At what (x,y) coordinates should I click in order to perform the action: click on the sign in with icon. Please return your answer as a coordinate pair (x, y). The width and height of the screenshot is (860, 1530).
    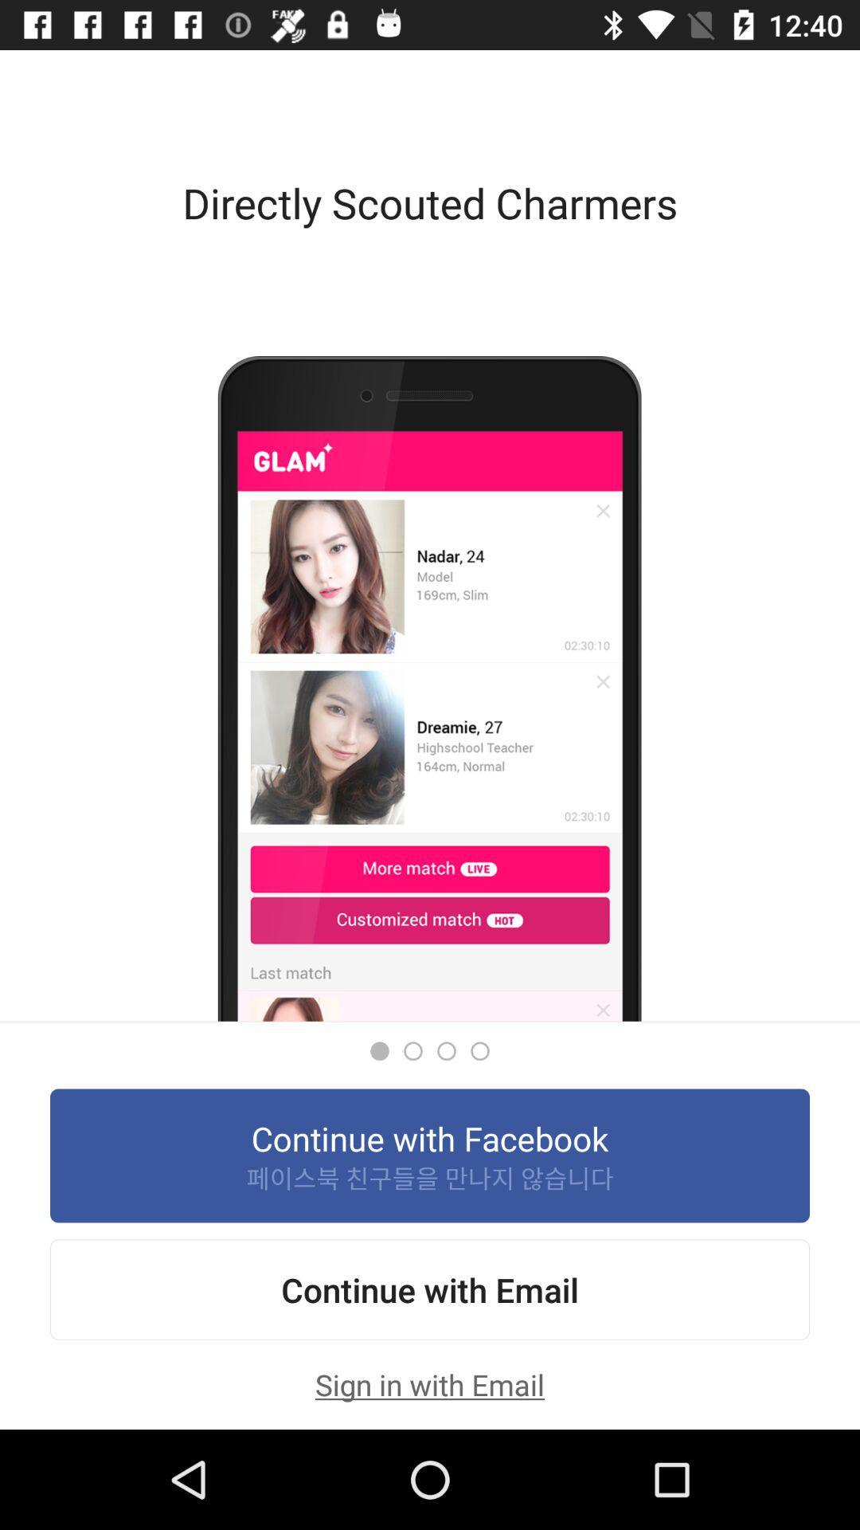
    Looking at the image, I should click on (430, 1383).